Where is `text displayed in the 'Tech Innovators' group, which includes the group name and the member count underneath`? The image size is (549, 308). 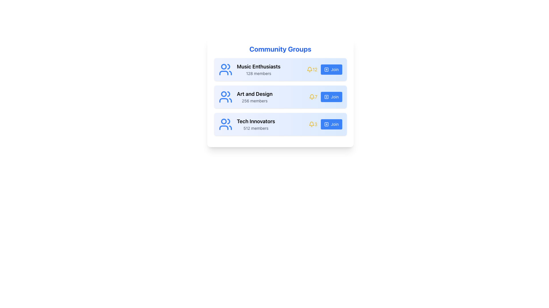
text displayed in the 'Tech Innovators' group, which includes the group name and the member count underneath is located at coordinates (256, 124).